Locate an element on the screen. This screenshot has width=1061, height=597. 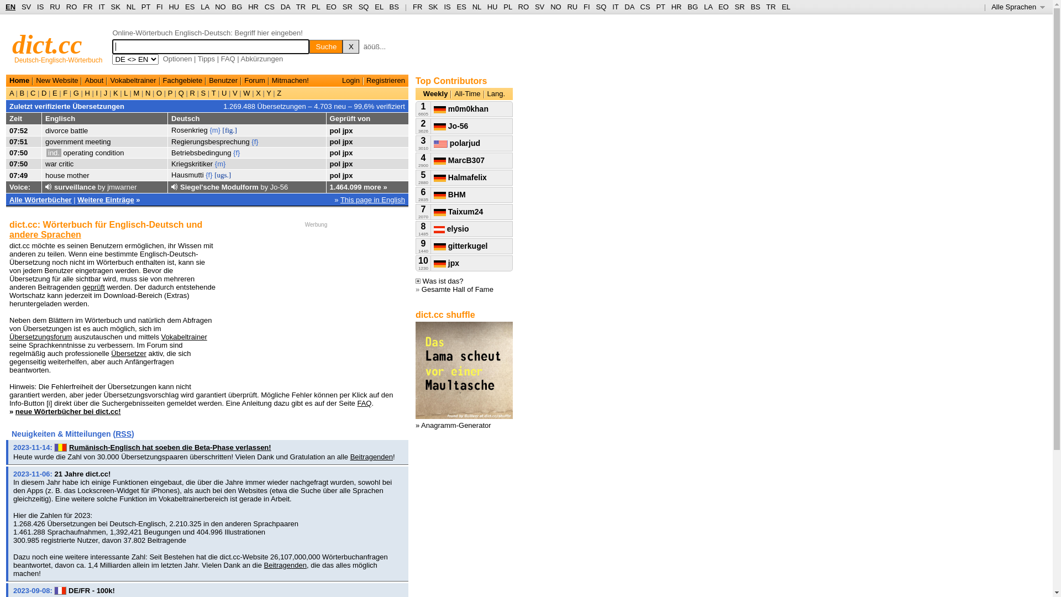
'government meeting' is located at coordinates (77, 141).